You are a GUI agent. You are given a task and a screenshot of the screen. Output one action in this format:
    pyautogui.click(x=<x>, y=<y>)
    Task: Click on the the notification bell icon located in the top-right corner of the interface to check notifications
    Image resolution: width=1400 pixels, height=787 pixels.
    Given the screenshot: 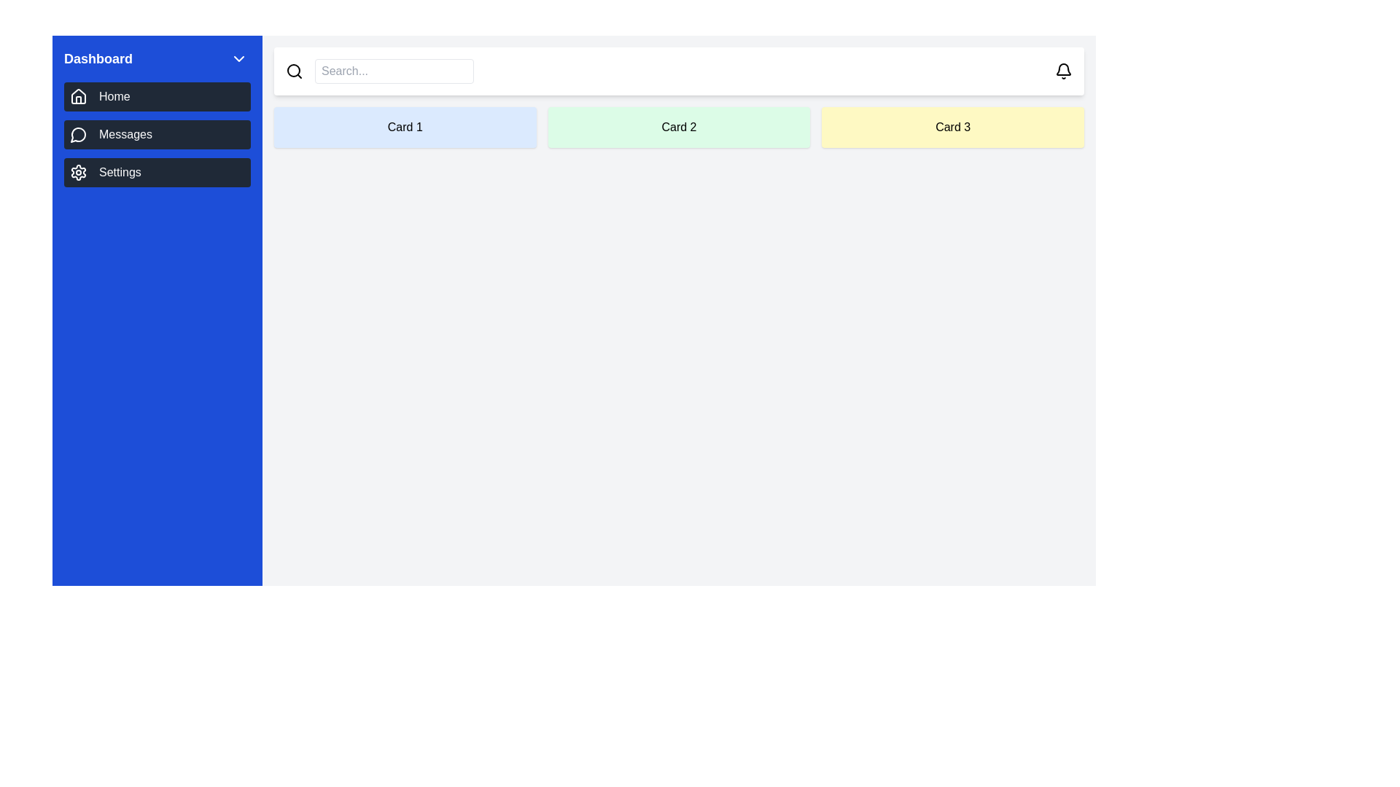 What is the action you would take?
    pyautogui.click(x=1064, y=71)
    